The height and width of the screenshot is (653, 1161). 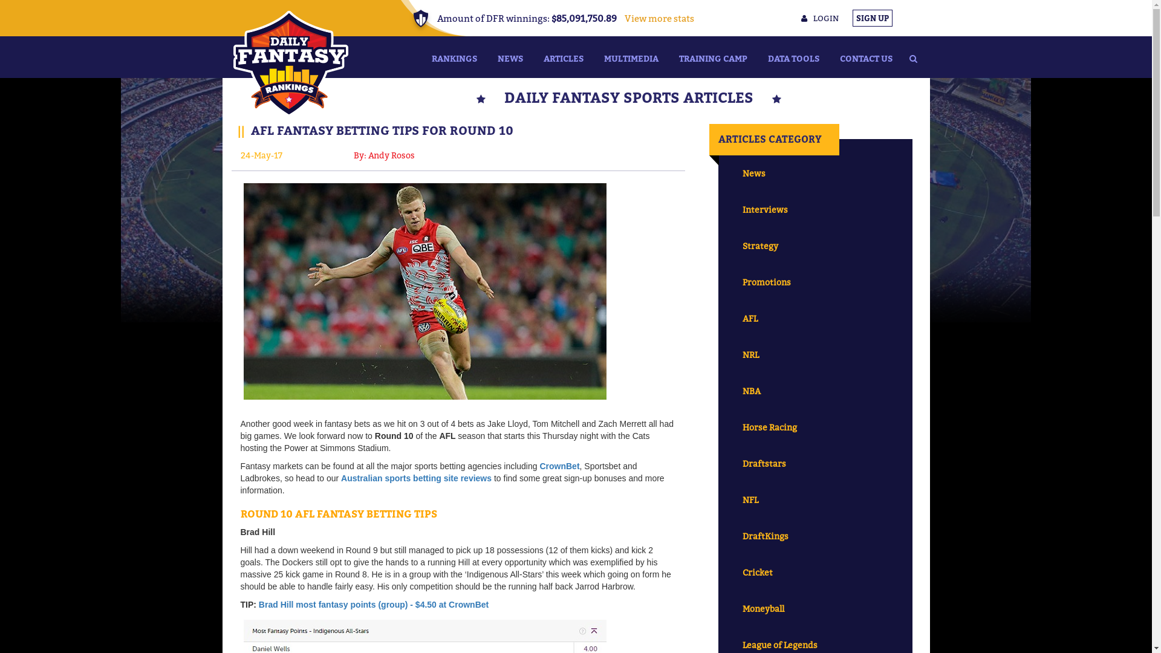 What do you see at coordinates (865, 57) in the screenshot?
I see `'CONTACT US'` at bounding box center [865, 57].